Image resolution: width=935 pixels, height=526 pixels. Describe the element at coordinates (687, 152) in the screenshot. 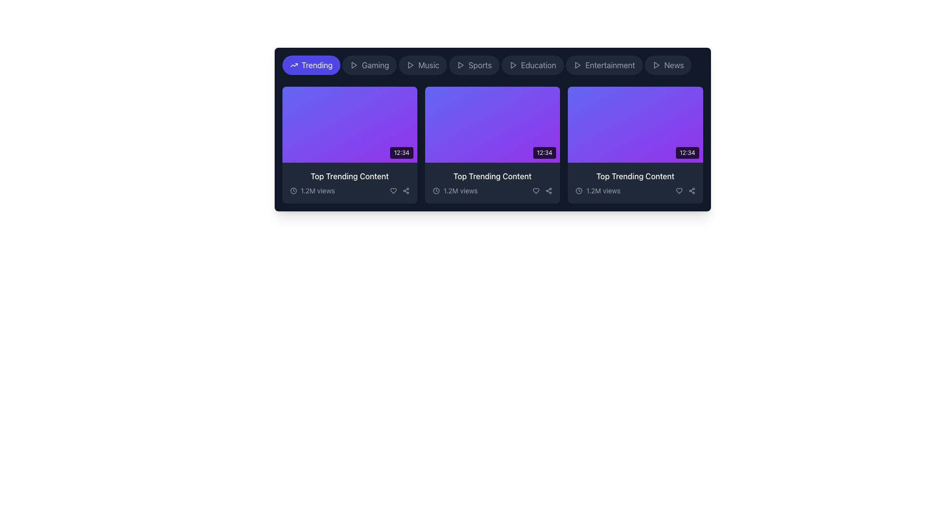

I see `the static label displaying the time '12:34' located in the bottom-right corner of the video thumbnail` at that location.